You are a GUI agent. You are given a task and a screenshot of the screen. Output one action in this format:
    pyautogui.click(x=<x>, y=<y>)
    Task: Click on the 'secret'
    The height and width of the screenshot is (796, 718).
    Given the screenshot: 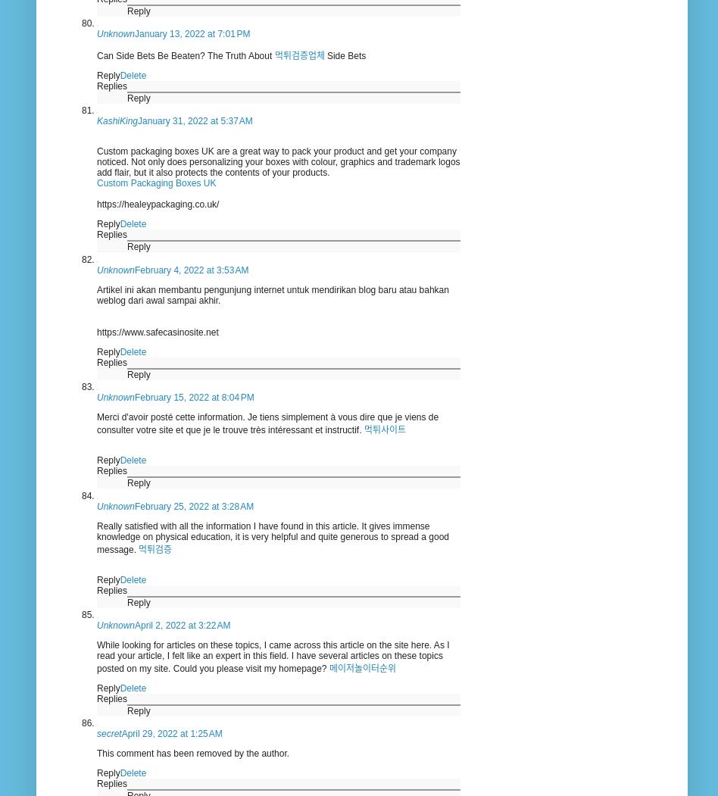 What is the action you would take?
    pyautogui.click(x=108, y=733)
    